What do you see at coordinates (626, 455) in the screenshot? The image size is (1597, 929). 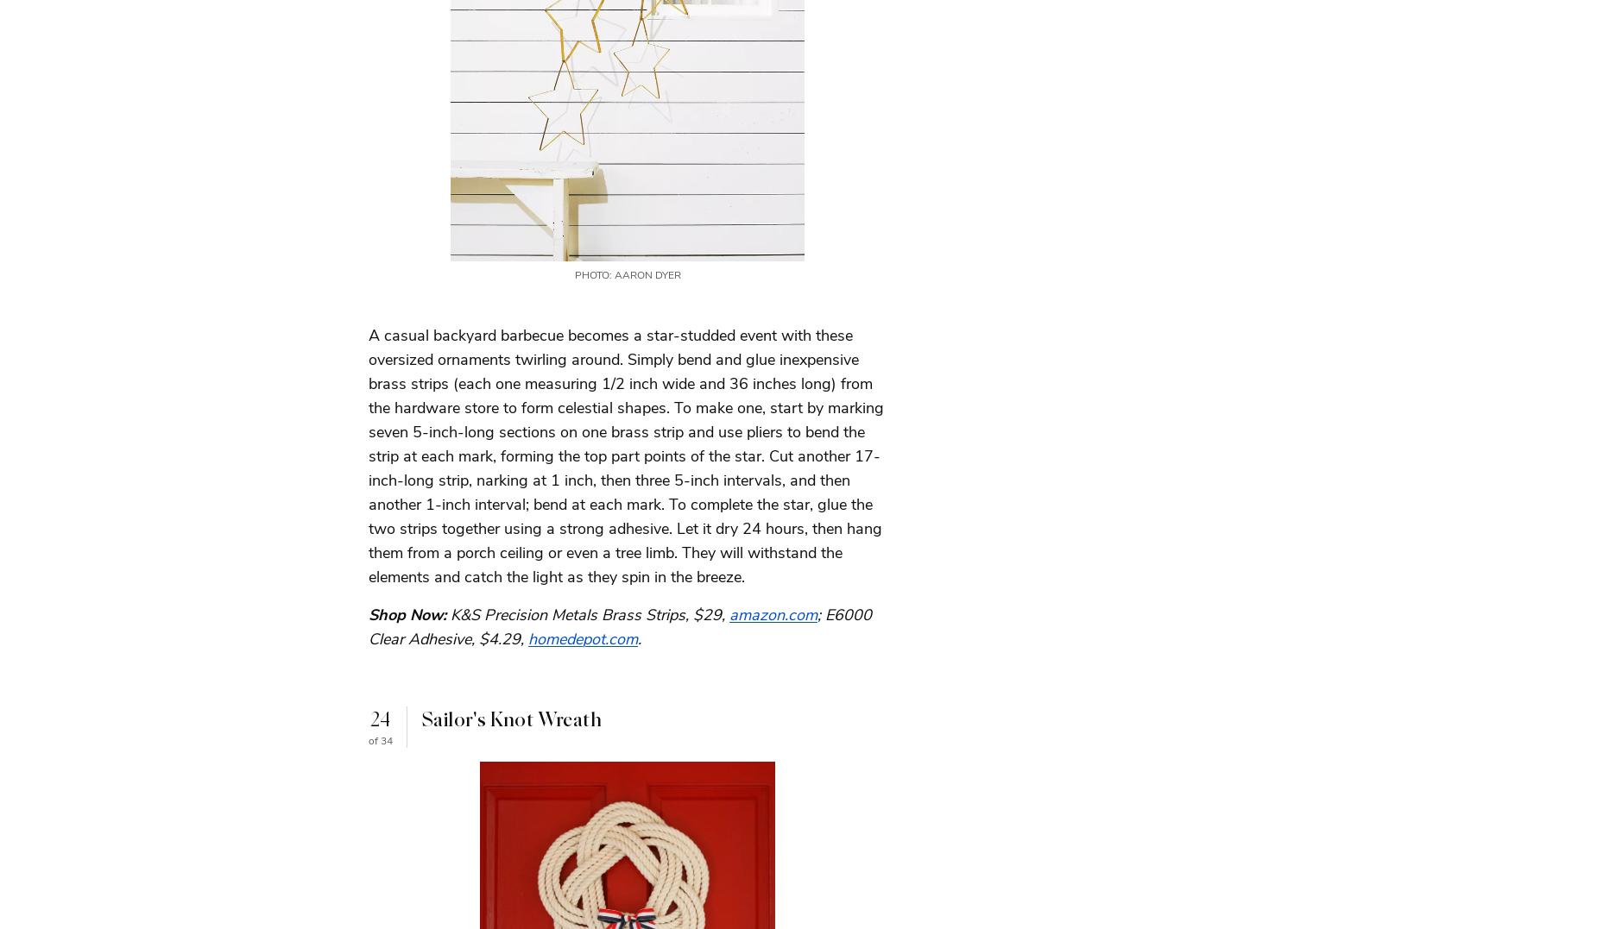 I see `'A casual backyard barbecue becomes a star-studded event with these oversized ornaments twirling around. Simply bend and glue inexpensive brass strips (each one measuring 1/2 inch wide and 36 inches long) from the hardware store to form celestial shapes. To make one, start by marking seven 5-inch-long sections on one brass strip and use pliers to bend the strip at each mark, forming the top part points of the star. Cut another 17-inch-long strip, narking at 1 inch, then three 5-inch intervals, and then another 1-inch interval; bend at each mark. To complete the star, glue the two strips together using a strong adhesive. Let it dry 24 hours, then hang them from a porch ceiling or even a tree limb. They will withstand the elements and catch the light as they spin in the breeze.'` at bounding box center [626, 455].